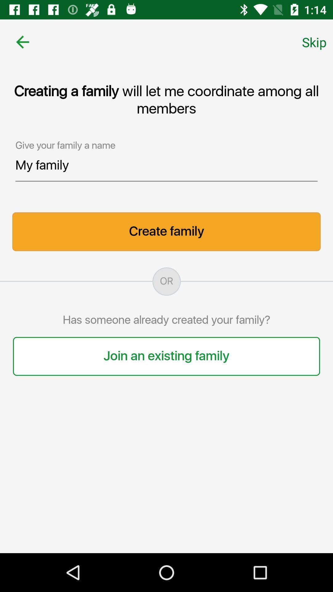 The height and width of the screenshot is (592, 333). Describe the element at coordinates (22, 42) in the screenshot. I see `the icon above creating a family item` at that location.